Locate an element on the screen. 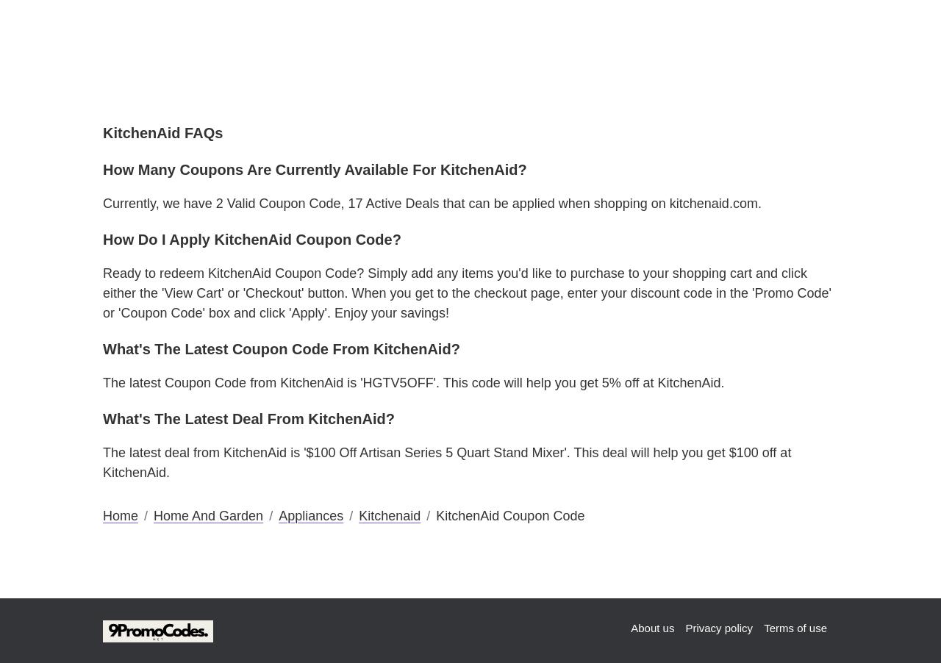 This screenshot has width=941, height=663. 'Home' is located at coordinates (102, 515).